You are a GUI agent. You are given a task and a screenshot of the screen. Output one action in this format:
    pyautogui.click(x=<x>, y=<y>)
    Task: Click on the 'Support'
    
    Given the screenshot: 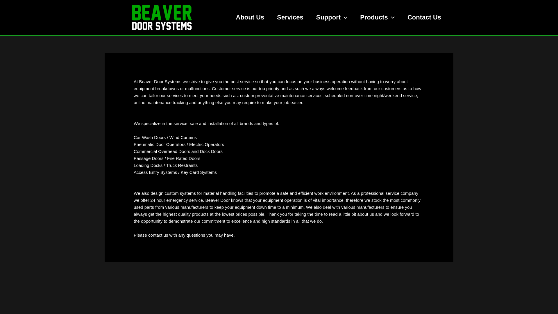 What is the action you would take?
    pyautogui.click(x=332, y=17)
    